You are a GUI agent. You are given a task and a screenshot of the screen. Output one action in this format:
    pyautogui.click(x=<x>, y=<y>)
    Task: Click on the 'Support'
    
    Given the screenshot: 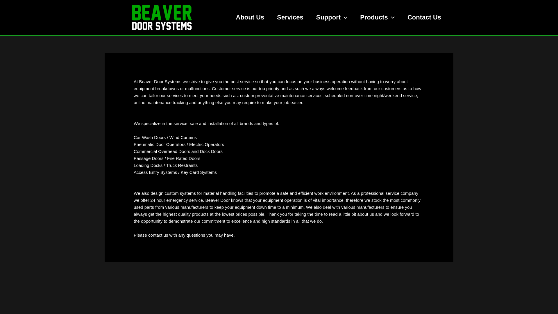 What is the action you would take?
    pyautogui.click(x=332, y=17)
    